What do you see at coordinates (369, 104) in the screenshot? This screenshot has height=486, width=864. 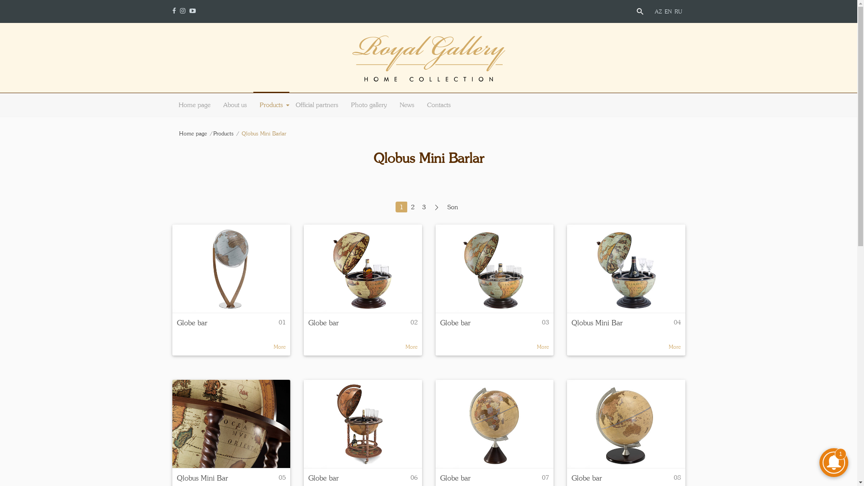 I see `'Photo gallery'` at bounding box center [369, 104].